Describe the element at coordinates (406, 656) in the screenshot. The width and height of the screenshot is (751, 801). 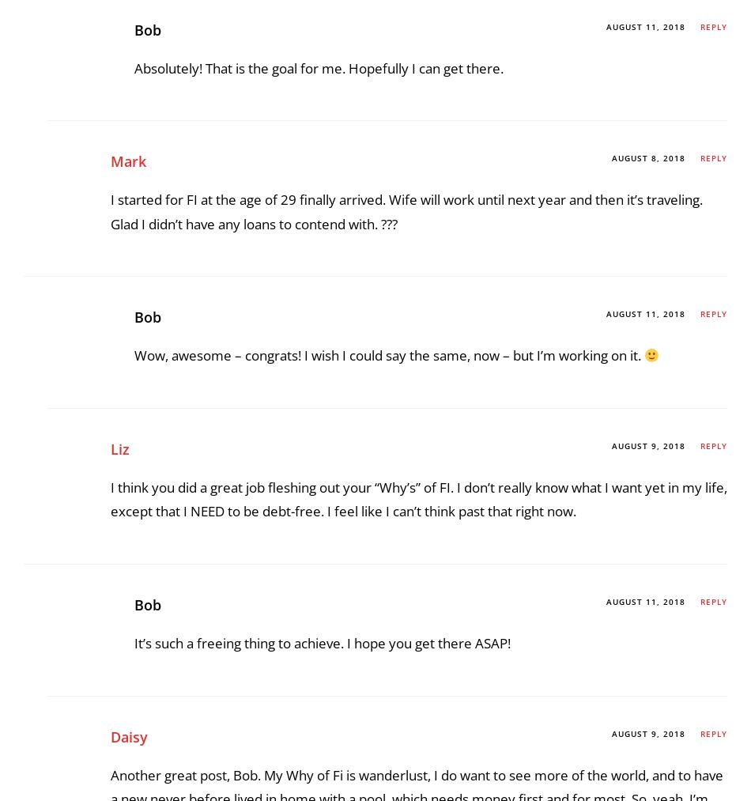
I see `'I started for FI at the age of 29 finally arrived.  Wife will work until next year and then it’s traveling.  Glad I didn’t have any loans to contend with.  ???'` at that location.